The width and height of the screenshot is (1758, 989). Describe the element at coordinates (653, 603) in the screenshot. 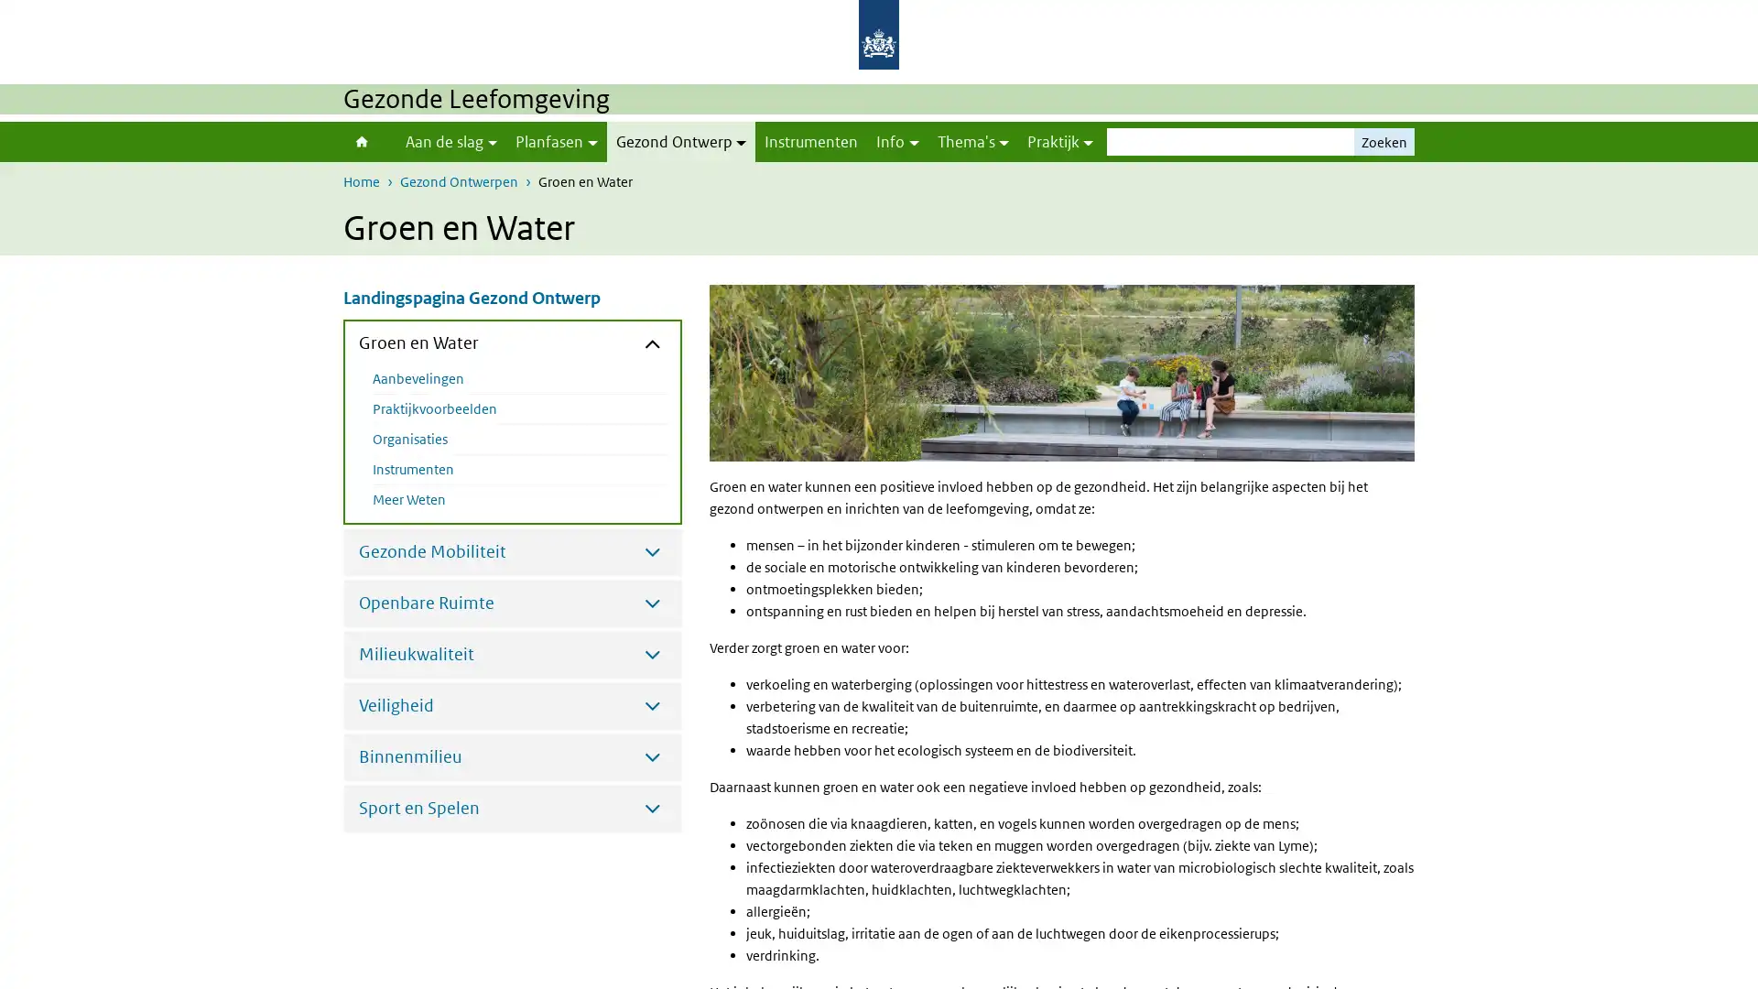

I see `Submenu openen` at that location.